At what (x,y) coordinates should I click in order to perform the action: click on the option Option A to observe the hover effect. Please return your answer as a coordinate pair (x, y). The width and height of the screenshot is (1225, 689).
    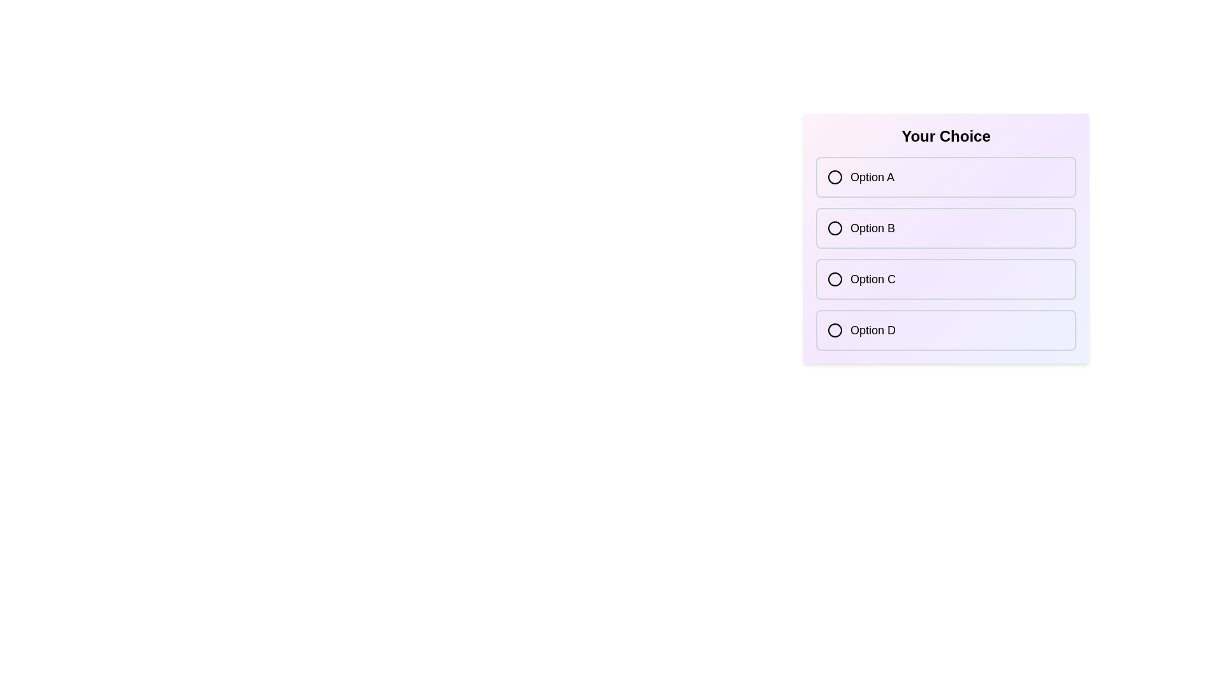
    Looking at the image, I should click on (946, 177).